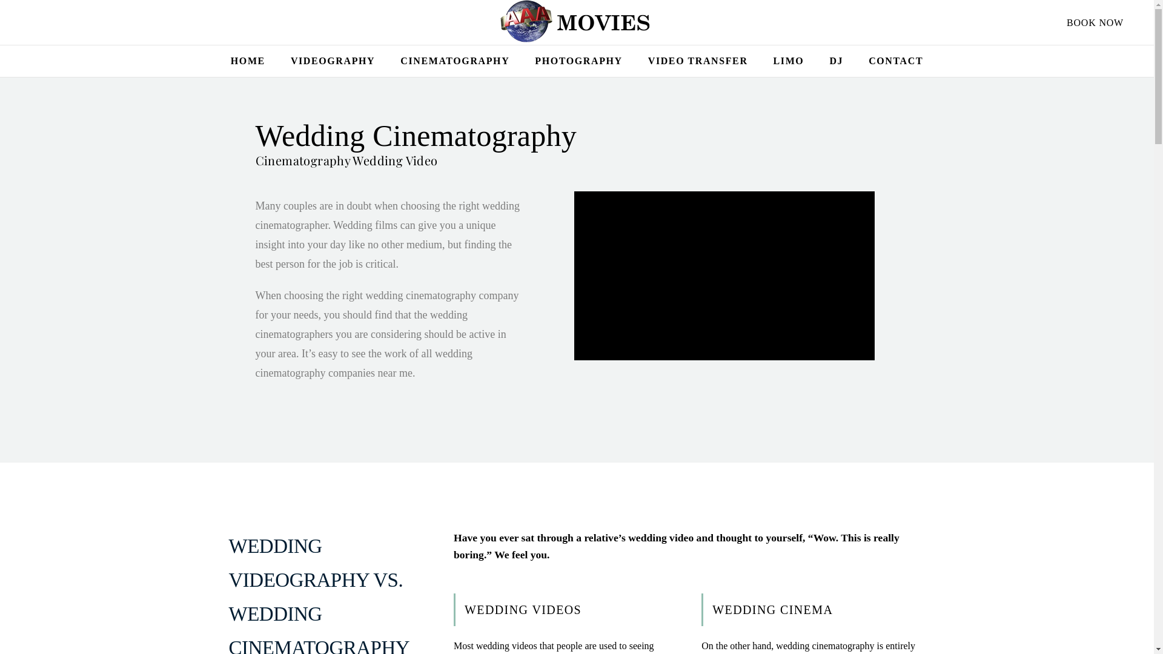 This screenshot has height=654, width=1163. What do you see at coordinates (895, 61) in the screenshot?
I see `'CONTACT'` at bounding box center [895, 61].